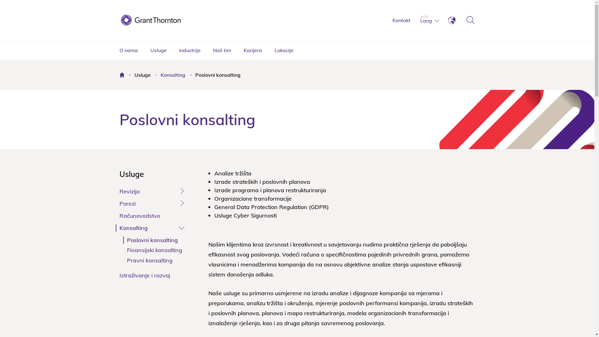  What do you see at coordinates (128, 50) in the screenshot?
I see `'O nama'` at bounding box center [128, 50].